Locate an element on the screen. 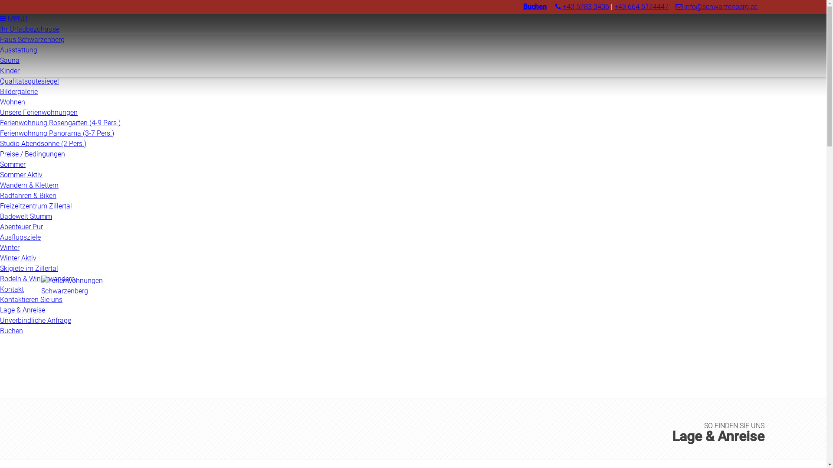 This screenshot has height=468, width=833. 'Haus Schwarzenberg' is located at coordinates (32, 39).